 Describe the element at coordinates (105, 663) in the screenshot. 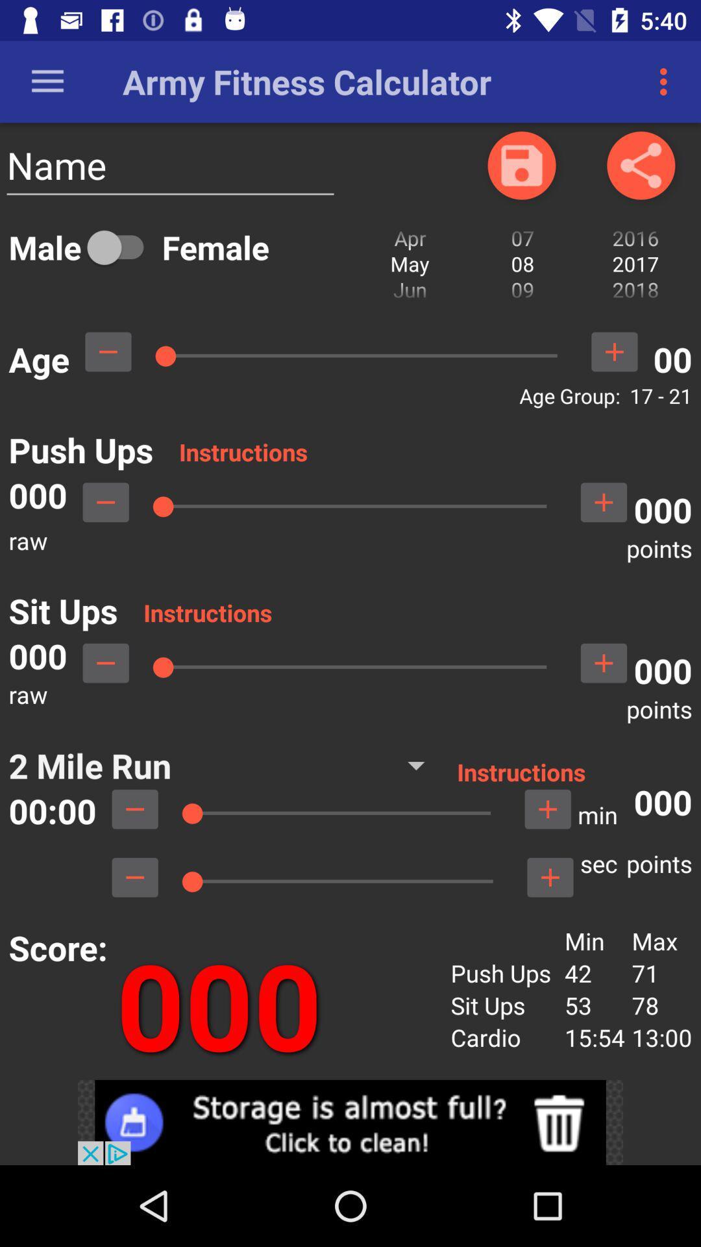

I see `decrease sit ups` at that location.